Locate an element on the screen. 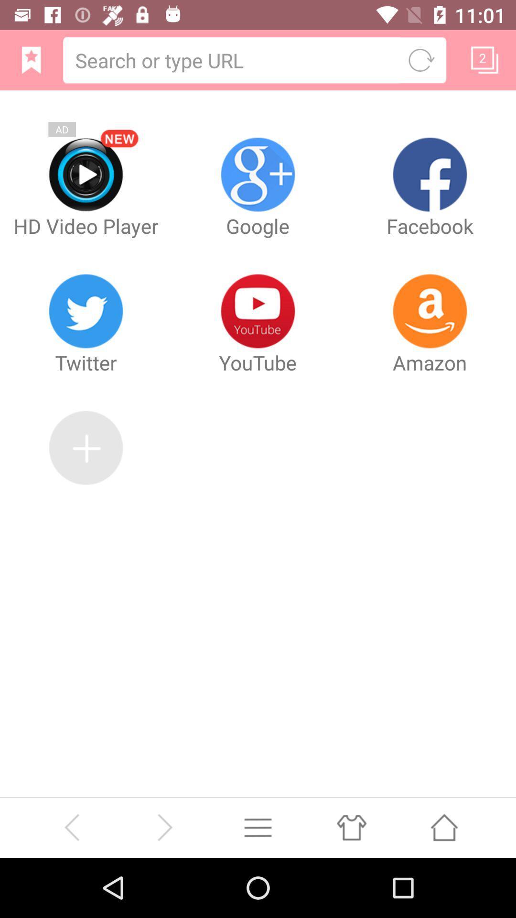  back is located at coordinates (71, 827).